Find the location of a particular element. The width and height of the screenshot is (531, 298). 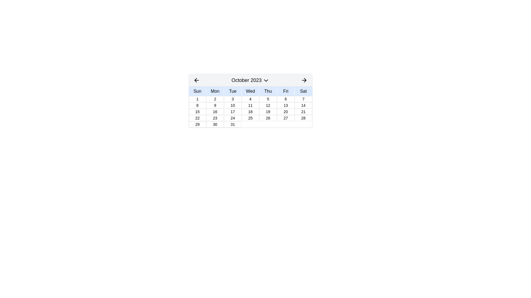

static text element representing the date October 26, 2023, located in the calendar interface under the 'Thu' heading is located at coordinates (268, 118).